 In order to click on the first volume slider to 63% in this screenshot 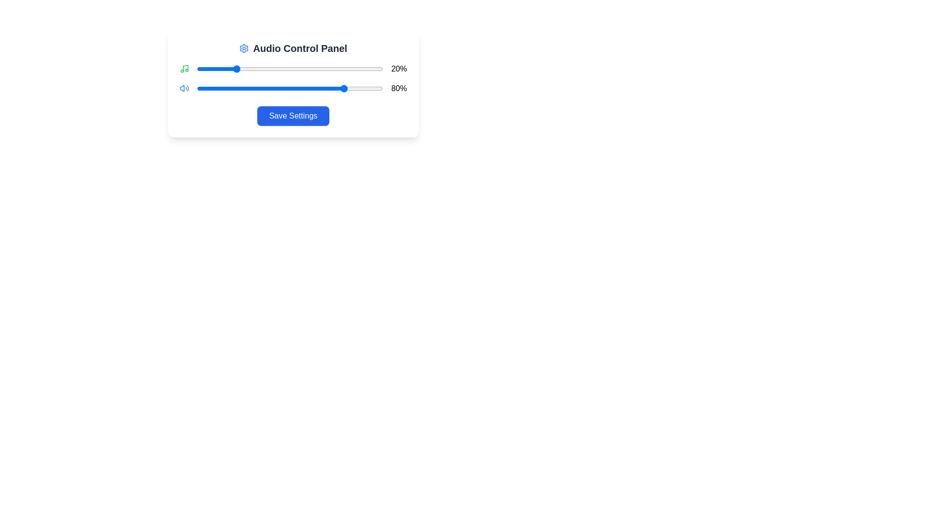, I will do `click(314, 69)`.